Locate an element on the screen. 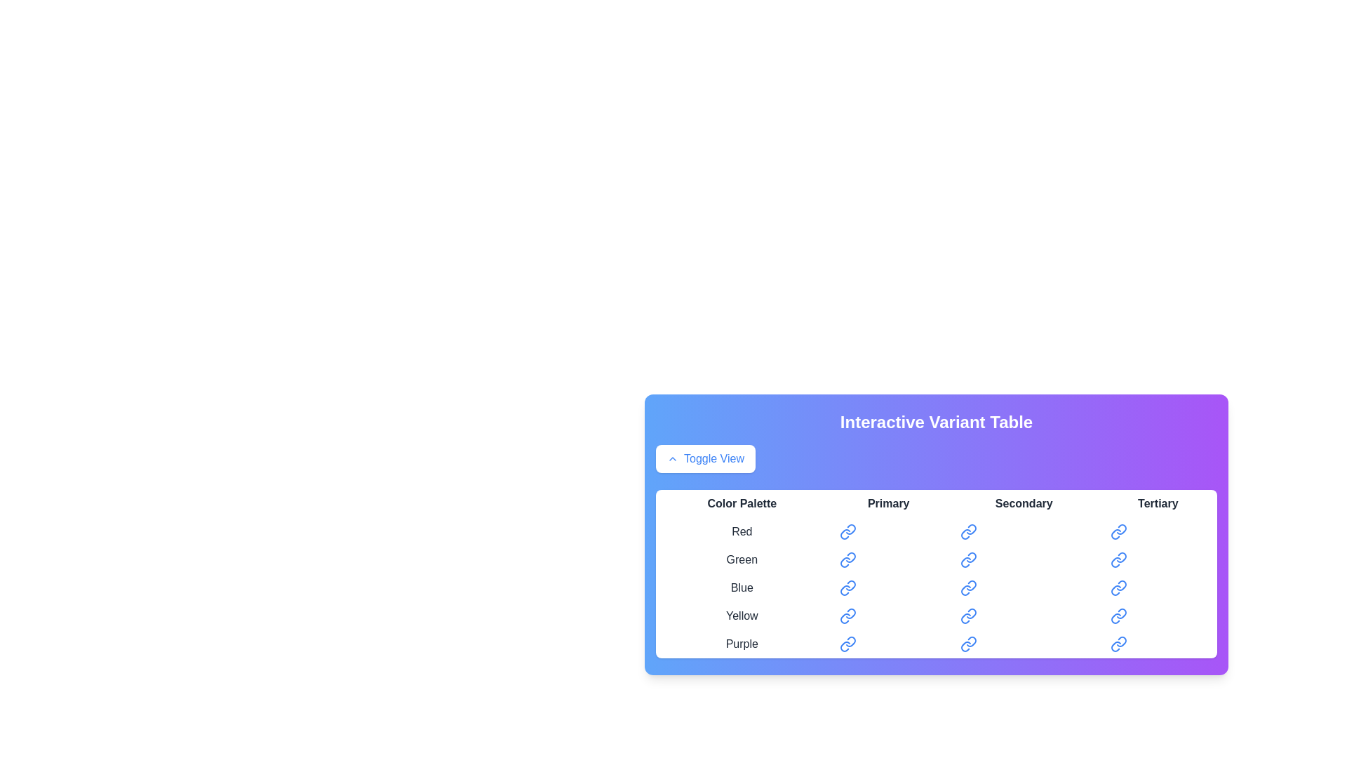 The height and width of the screenshot is (758, 1347). the SVG chain link icon located in the 'Primary' column under the 'Green' row is located at coordinates (844, 561).